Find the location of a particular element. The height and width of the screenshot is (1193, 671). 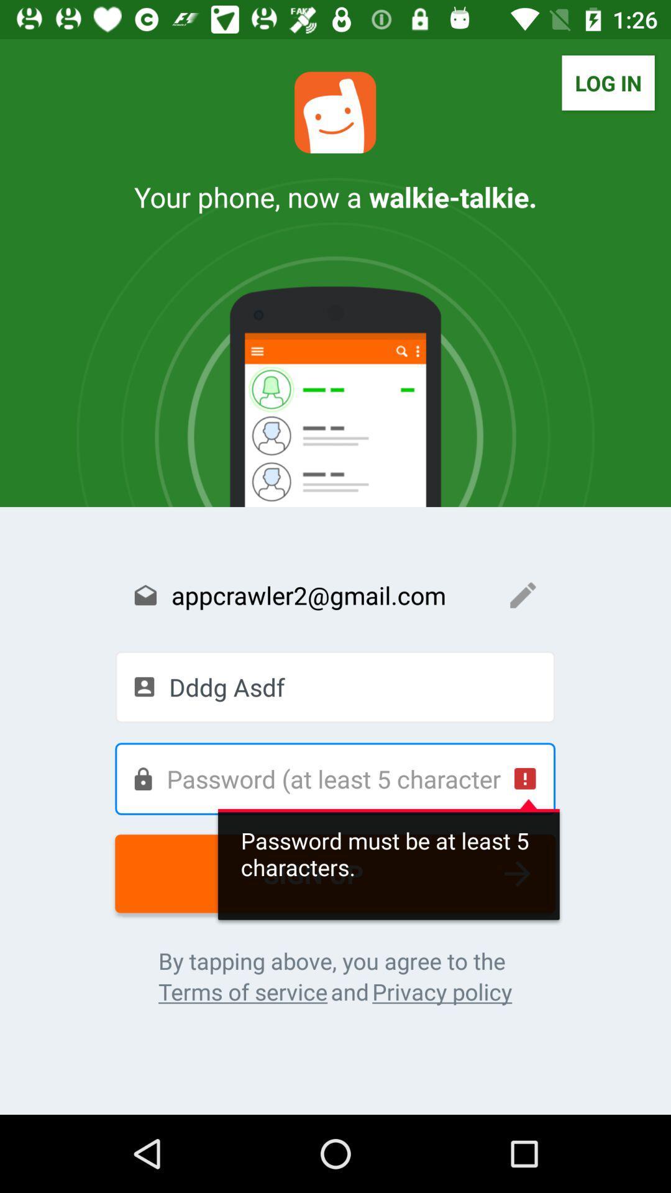

log in icon is located at coordinates (608, 82).